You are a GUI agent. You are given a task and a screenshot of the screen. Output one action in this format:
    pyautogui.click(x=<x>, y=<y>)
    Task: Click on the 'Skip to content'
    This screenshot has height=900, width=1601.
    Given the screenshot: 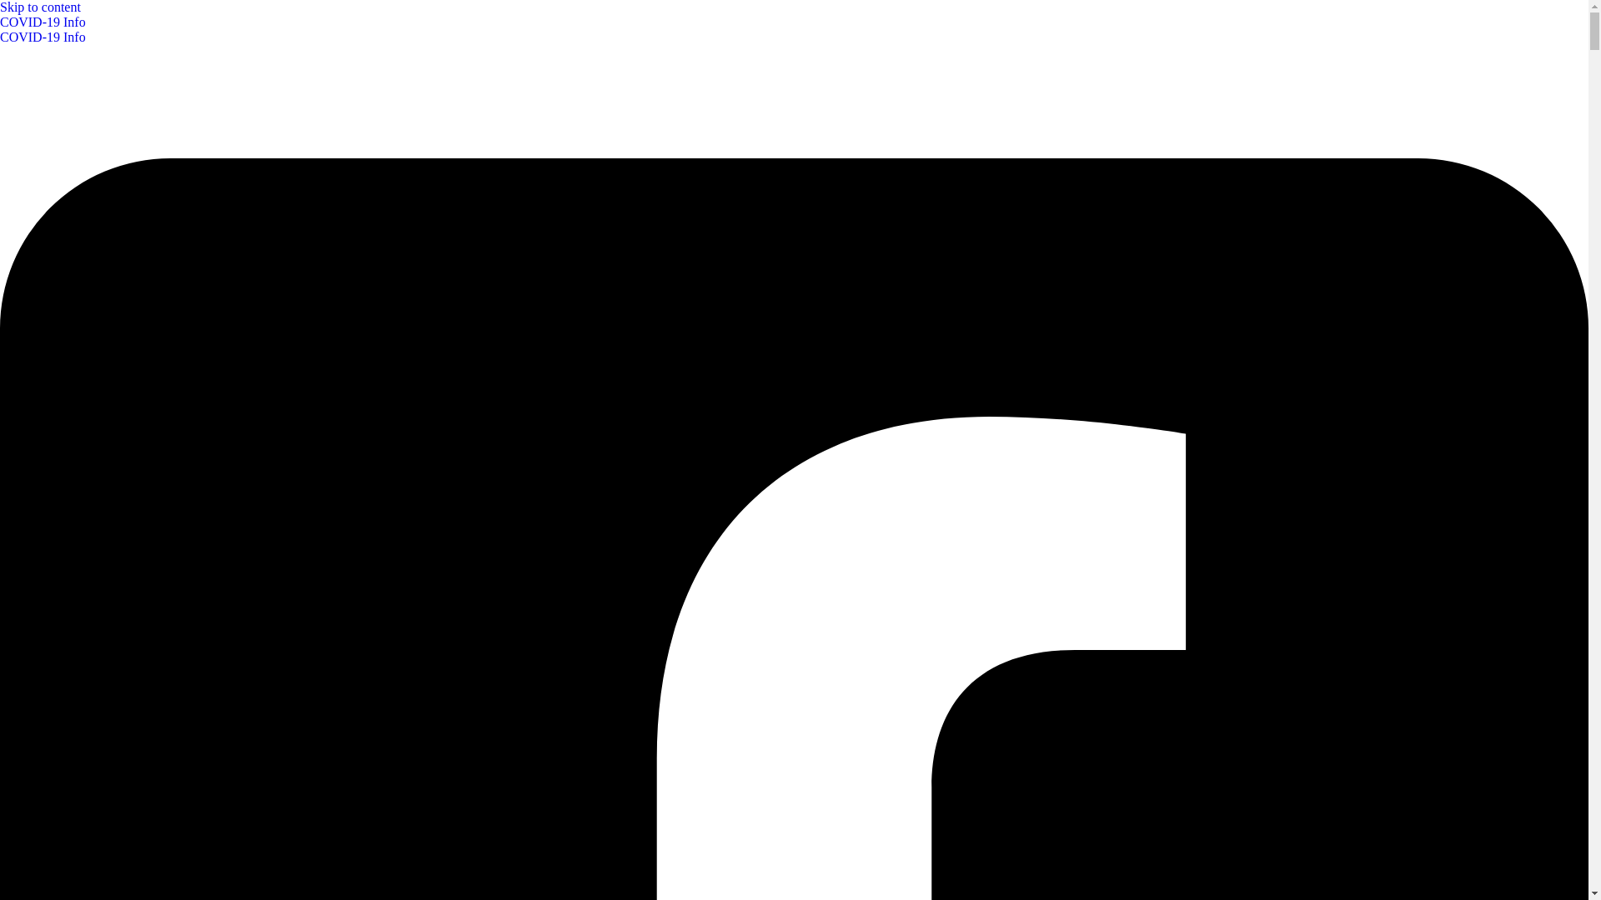 What is the action you would take?
    pyautogui.click(x=40, y=7)
    